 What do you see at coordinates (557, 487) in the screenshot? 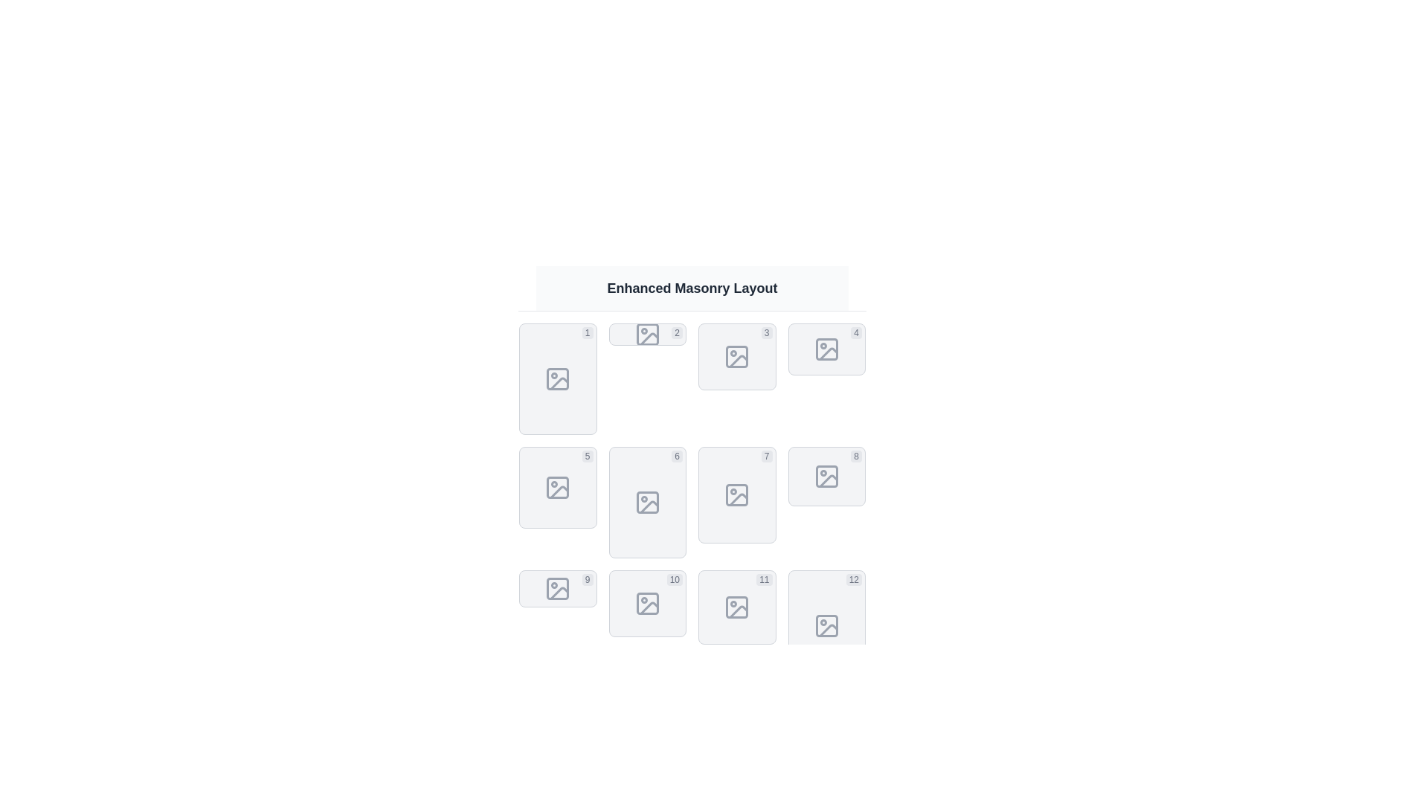
I see `the card UI component located in the second row and first column of the masonry layout` at bounding box center [557, 487].